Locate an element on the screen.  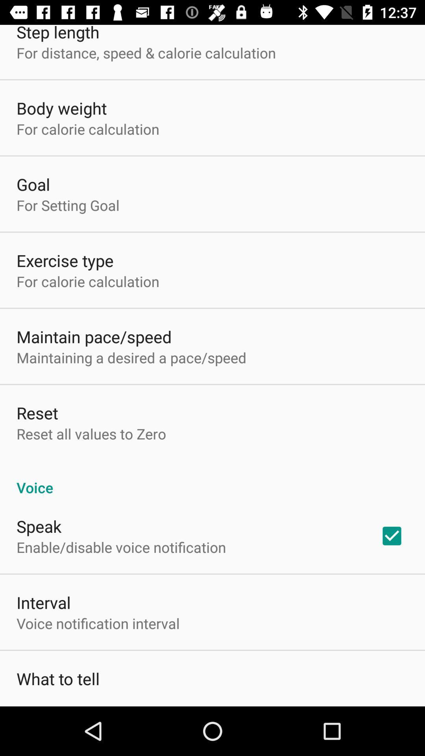
the item above the exercise type is located at coordinates (67, 205).